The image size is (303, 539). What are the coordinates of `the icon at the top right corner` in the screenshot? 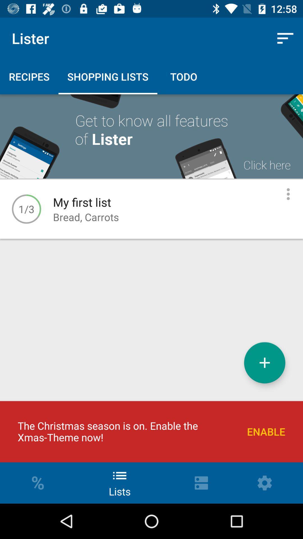 It's located at (285, 38).